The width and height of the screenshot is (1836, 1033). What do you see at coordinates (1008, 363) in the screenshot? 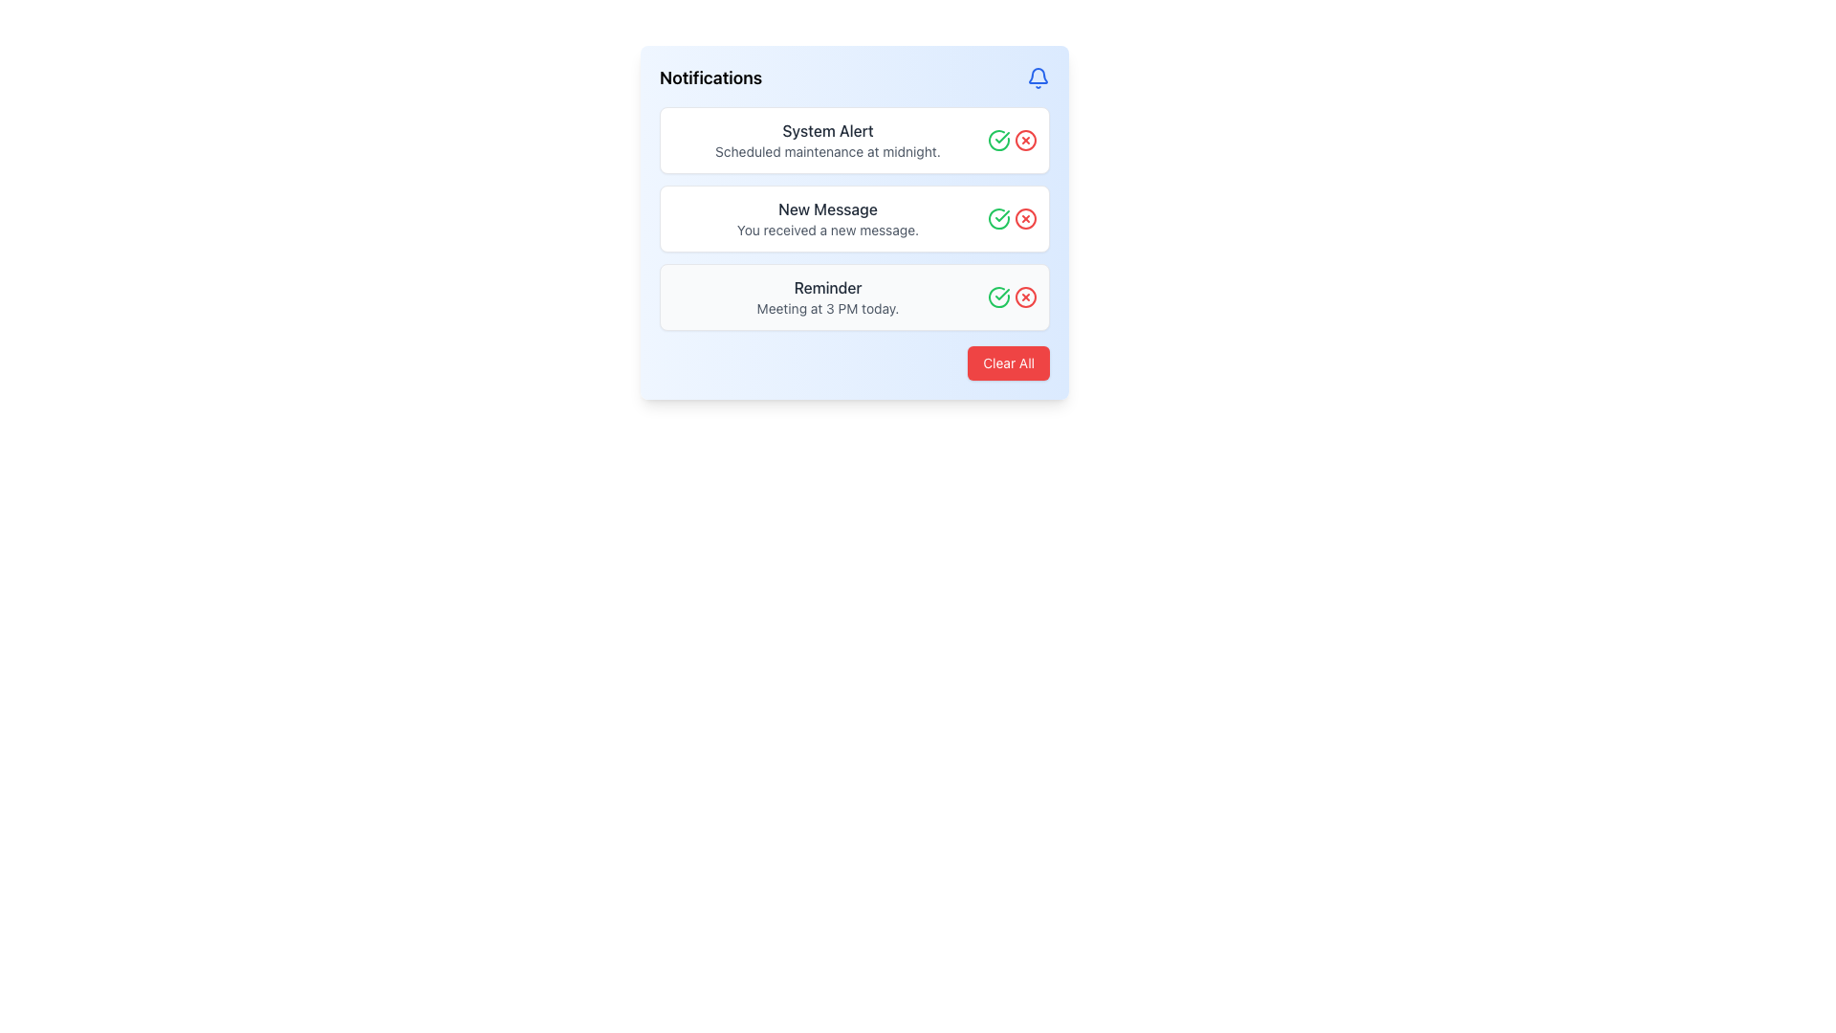
I see `the red 'Clear All' button with white text located at the bottom-right corner of the notification panel to clear all notifications` at bounding box center [1008, 363].